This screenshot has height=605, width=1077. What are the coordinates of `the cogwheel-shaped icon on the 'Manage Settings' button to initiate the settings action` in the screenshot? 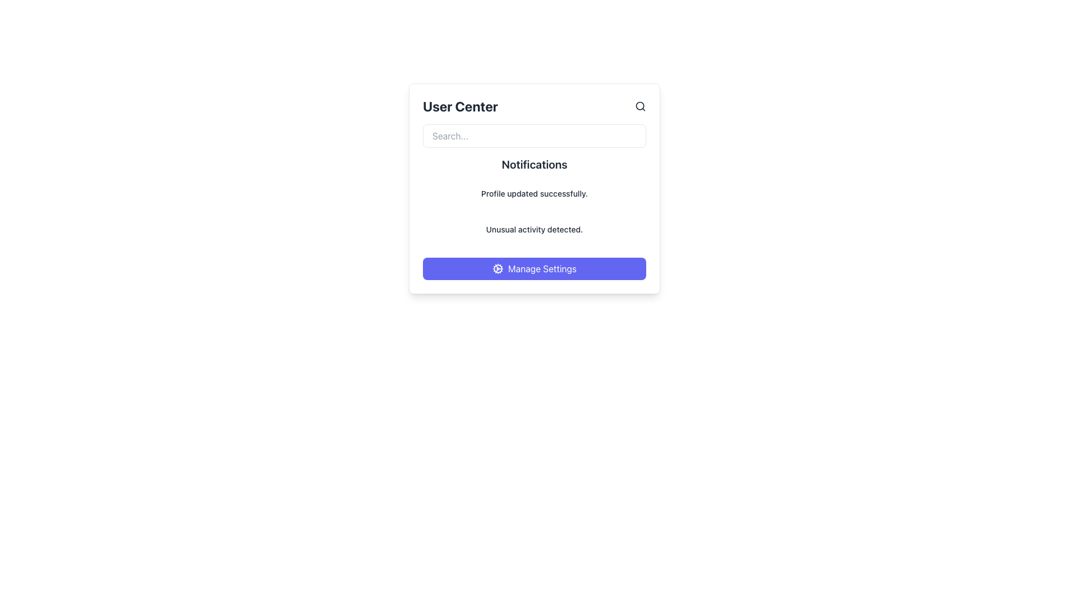 It's located at (498, 268).